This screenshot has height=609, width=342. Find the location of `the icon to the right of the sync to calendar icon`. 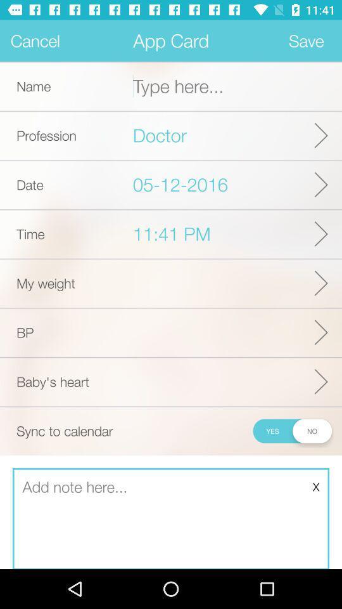

the icon to the right of the sync to calendar icon is located at coordinates (292, 431).